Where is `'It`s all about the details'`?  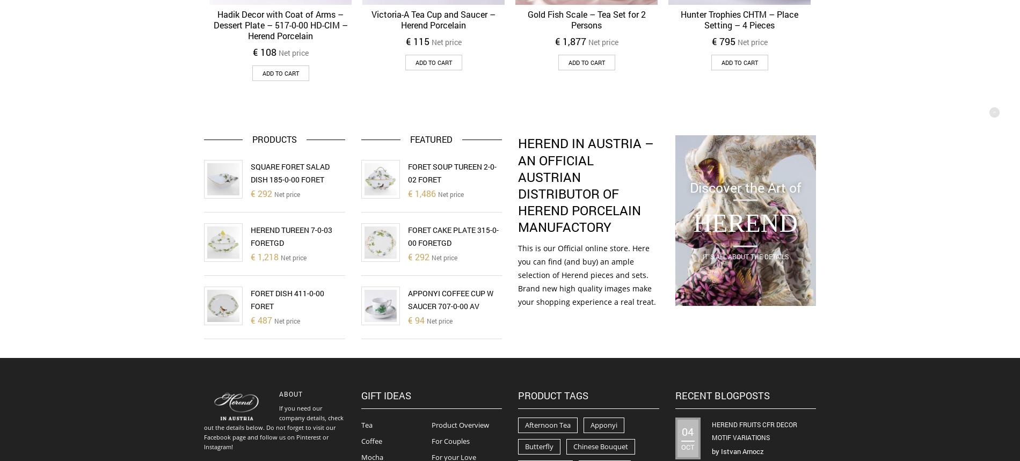
'It`s all about the details' is located at coordinates (701, 255).